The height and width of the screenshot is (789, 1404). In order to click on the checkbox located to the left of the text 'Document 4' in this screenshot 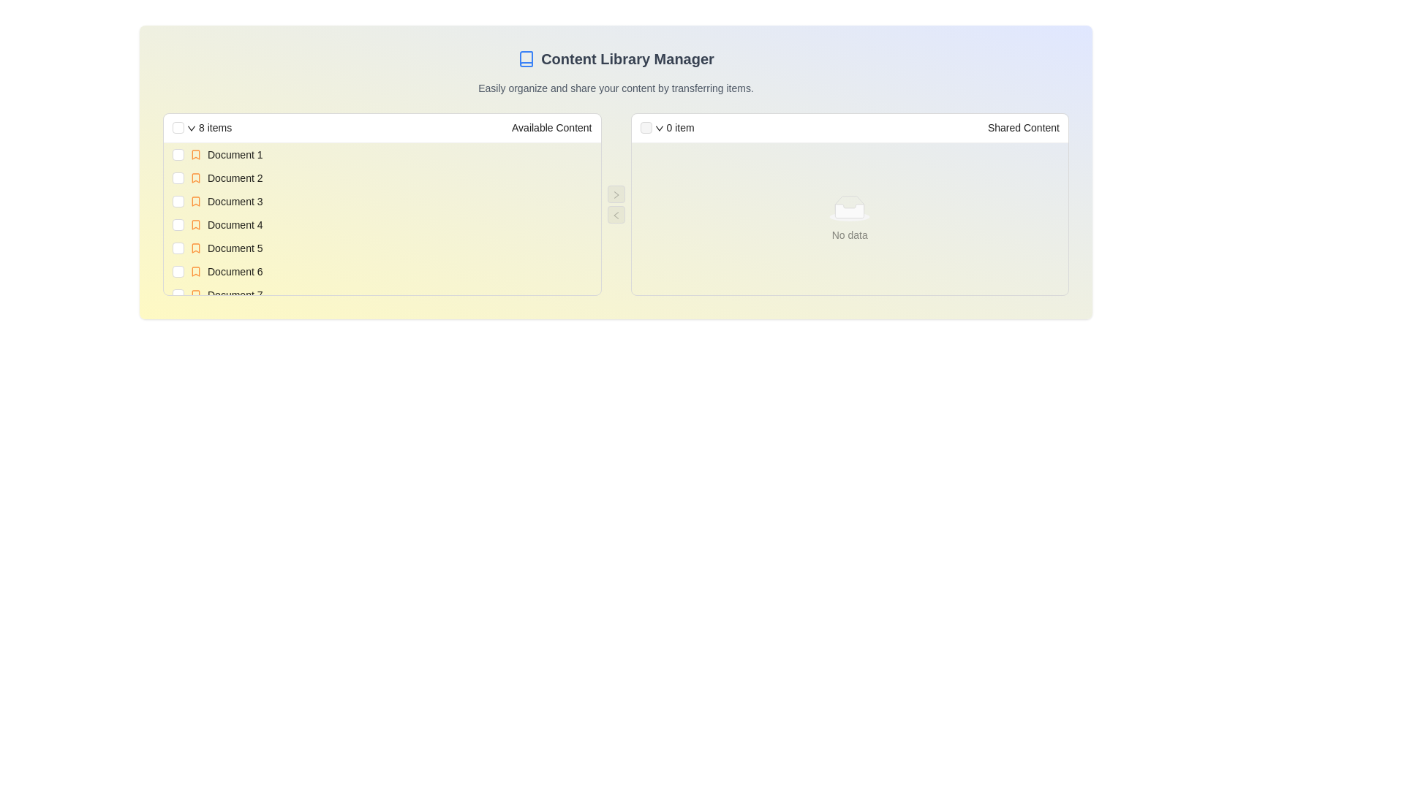, I will do `click(178, 225)`.